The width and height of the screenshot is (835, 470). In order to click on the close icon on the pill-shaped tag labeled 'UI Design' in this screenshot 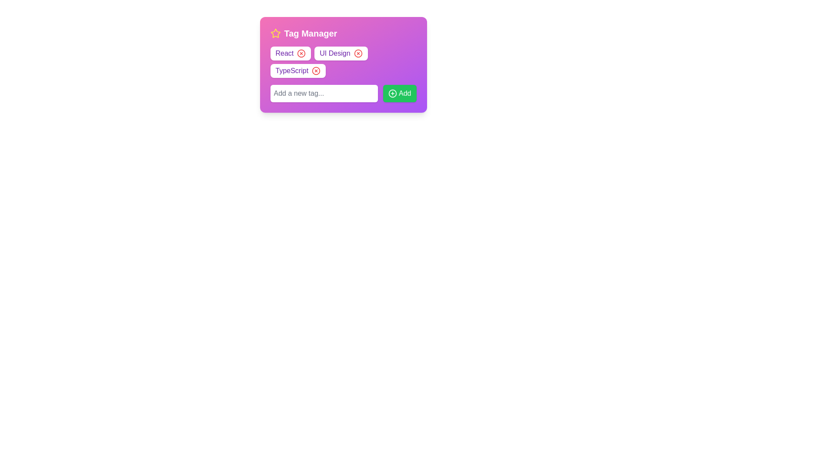, I will do `click(341, 54)`.